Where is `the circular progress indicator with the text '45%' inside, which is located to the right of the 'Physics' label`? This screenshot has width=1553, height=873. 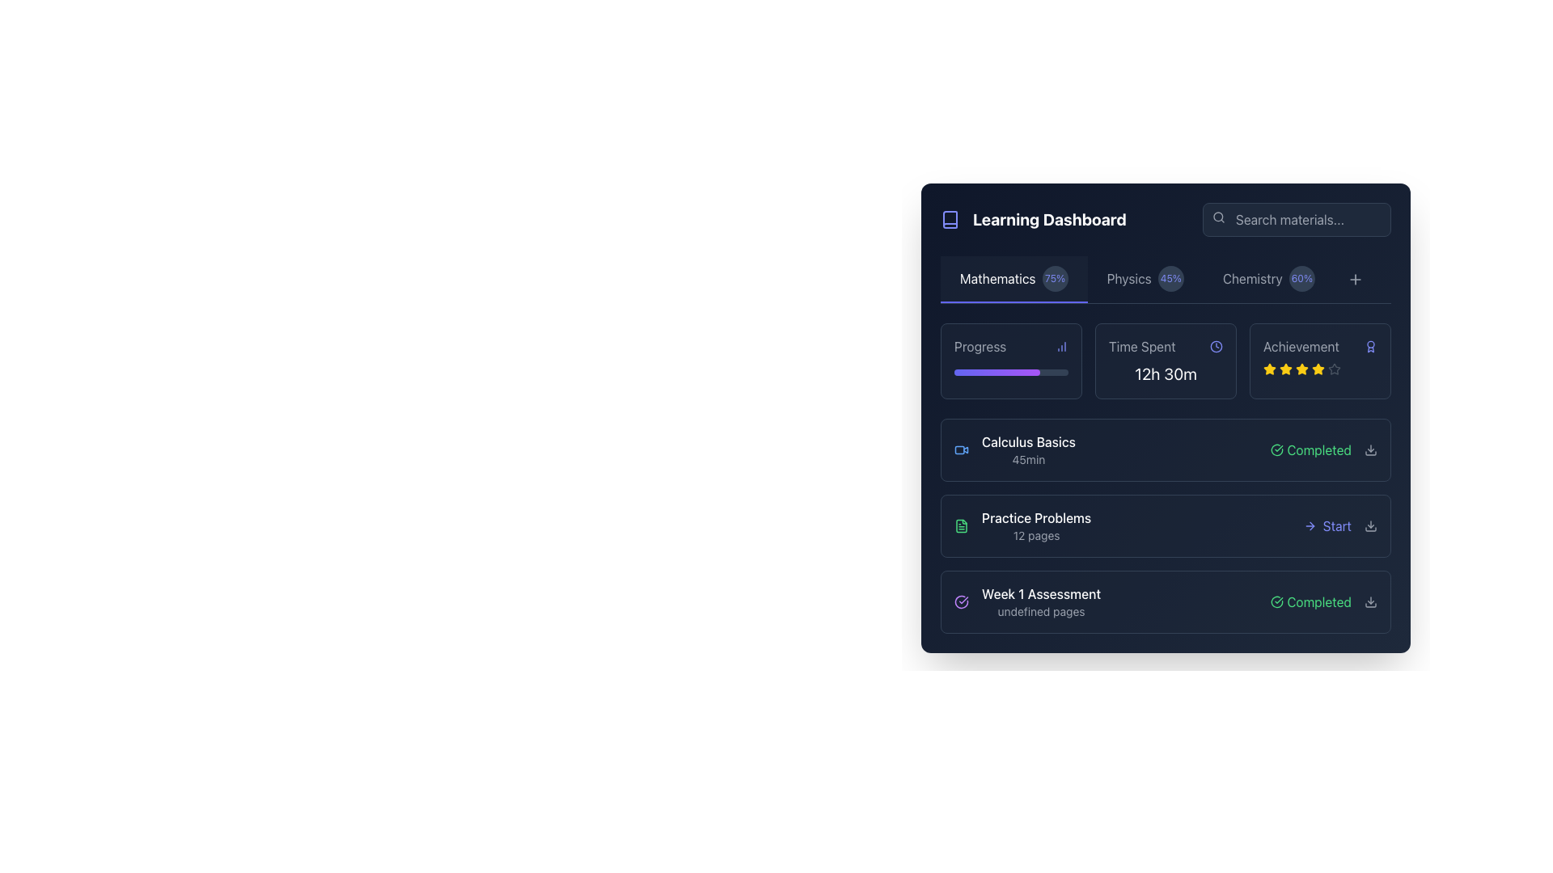
the circular progress indicator with the text '45%' inside, which is located to the right of the 'Physics' label is located at coordinates (1170, 277).